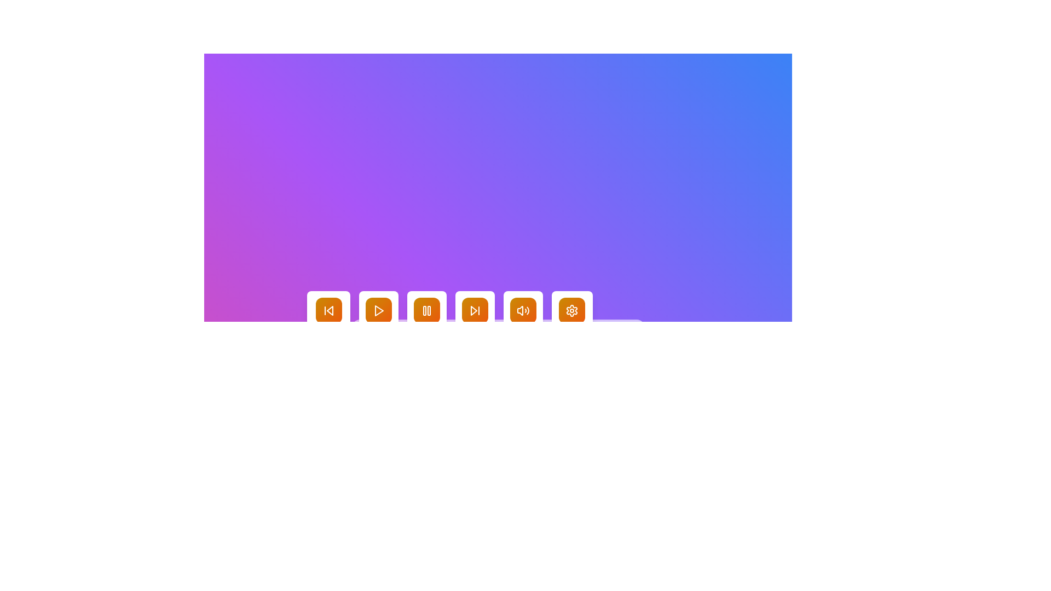 The image size is (1051, 591). Describe the element at coordinates (426, 318) in the screenshot. I see `the pause button located between the 'Play' button and the 'Next' button` at that location.